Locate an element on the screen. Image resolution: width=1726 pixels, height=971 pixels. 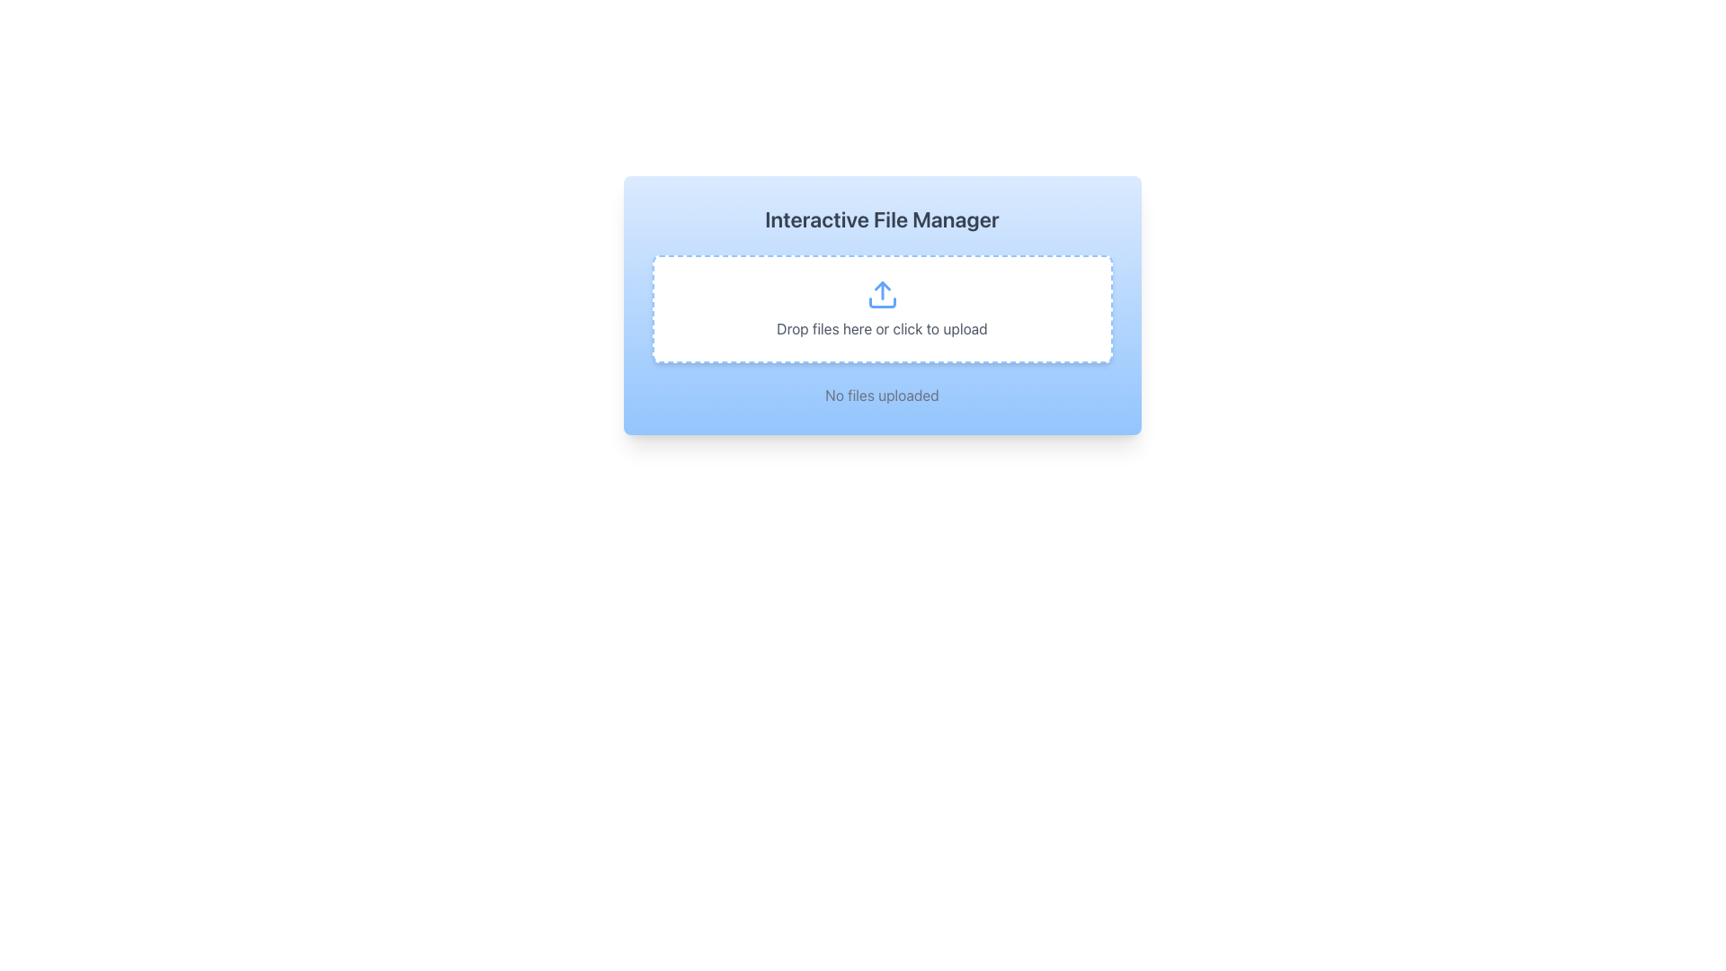
the upload icon located centrally within the white rectangular dropzone to initiate an upload action is located at coordinates (882, 293).